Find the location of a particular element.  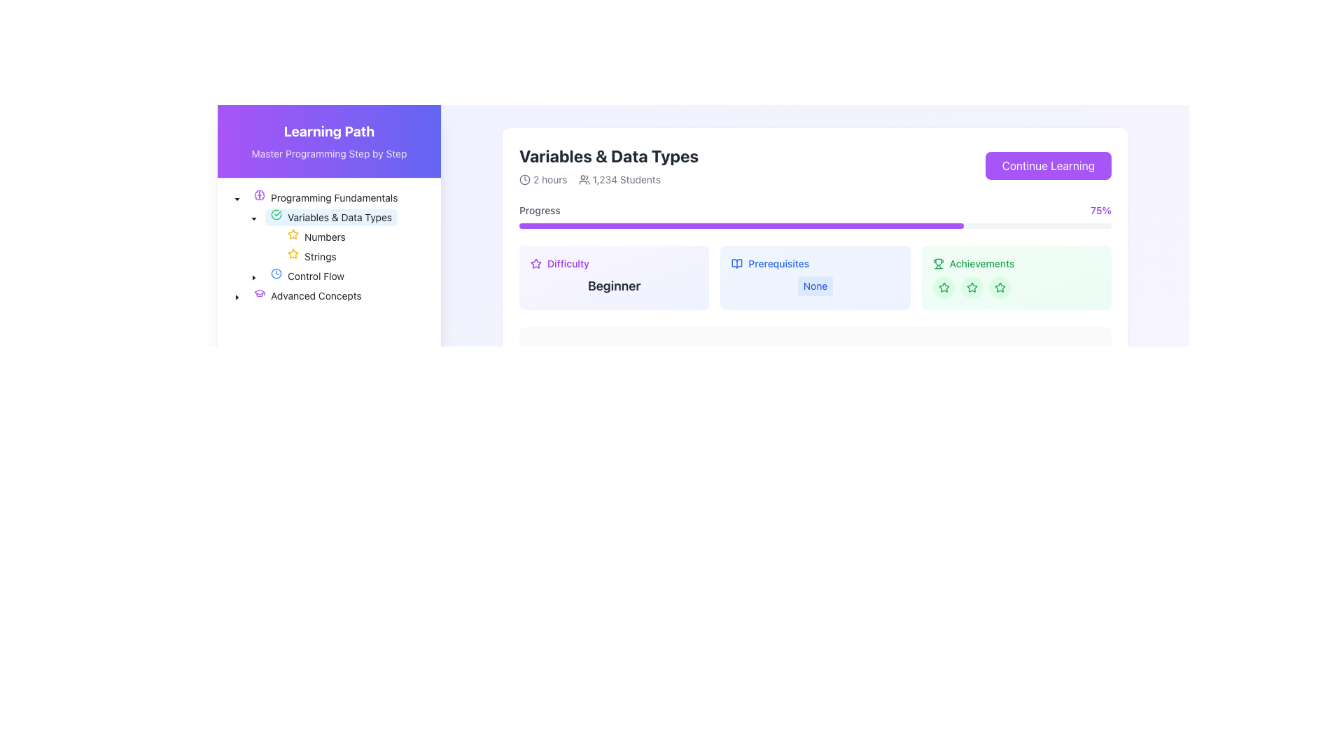

the yellow star icon located in the left navigation sidebar under the 'Variables & Data Types' category beside the label 'Strings' is located at coordinates (295, 256).